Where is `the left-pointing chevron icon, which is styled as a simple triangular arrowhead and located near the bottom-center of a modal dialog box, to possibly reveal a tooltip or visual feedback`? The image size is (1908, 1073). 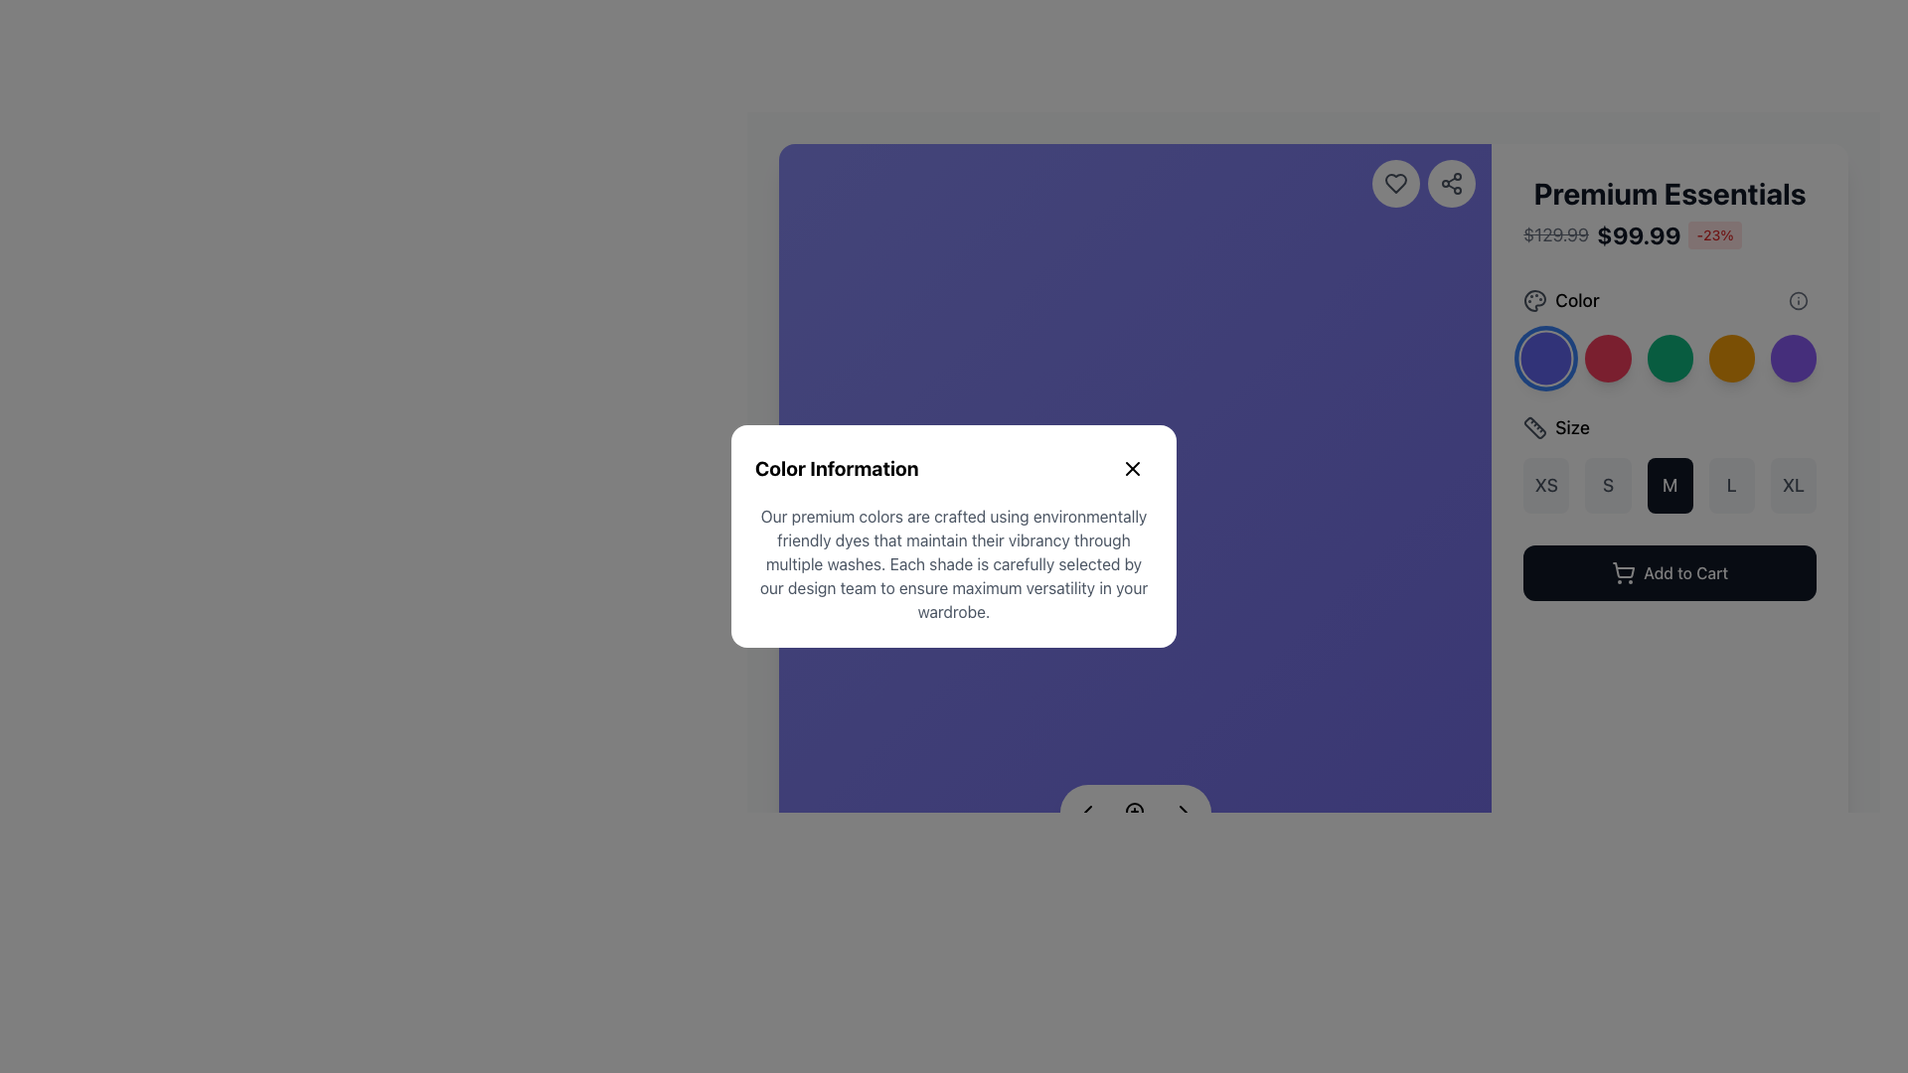 the left-pointing chevron icon, which is styled as a simple triangular arrowhead and located near the bottom-center of a modal dialog box, to possibly reveal a tooltip or visual feedback is located at coordinates (1086, 813).